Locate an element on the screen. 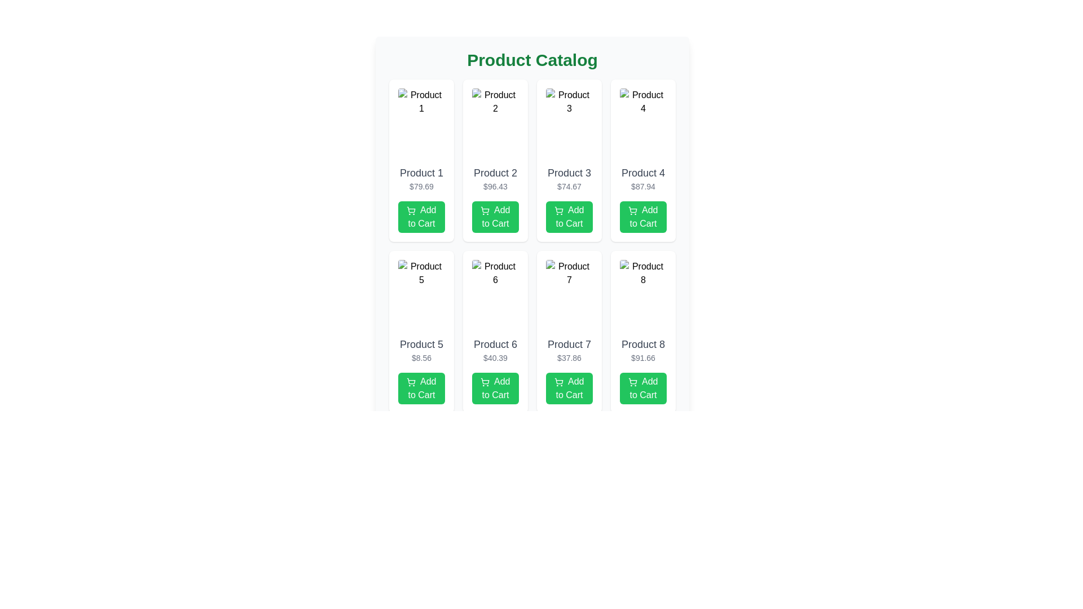  the green 'Add to Cart' button with a shopping cart icon located at the bottom of the product card for 'Product 2' priced at $96.43 is located at coordinates (495, 217).